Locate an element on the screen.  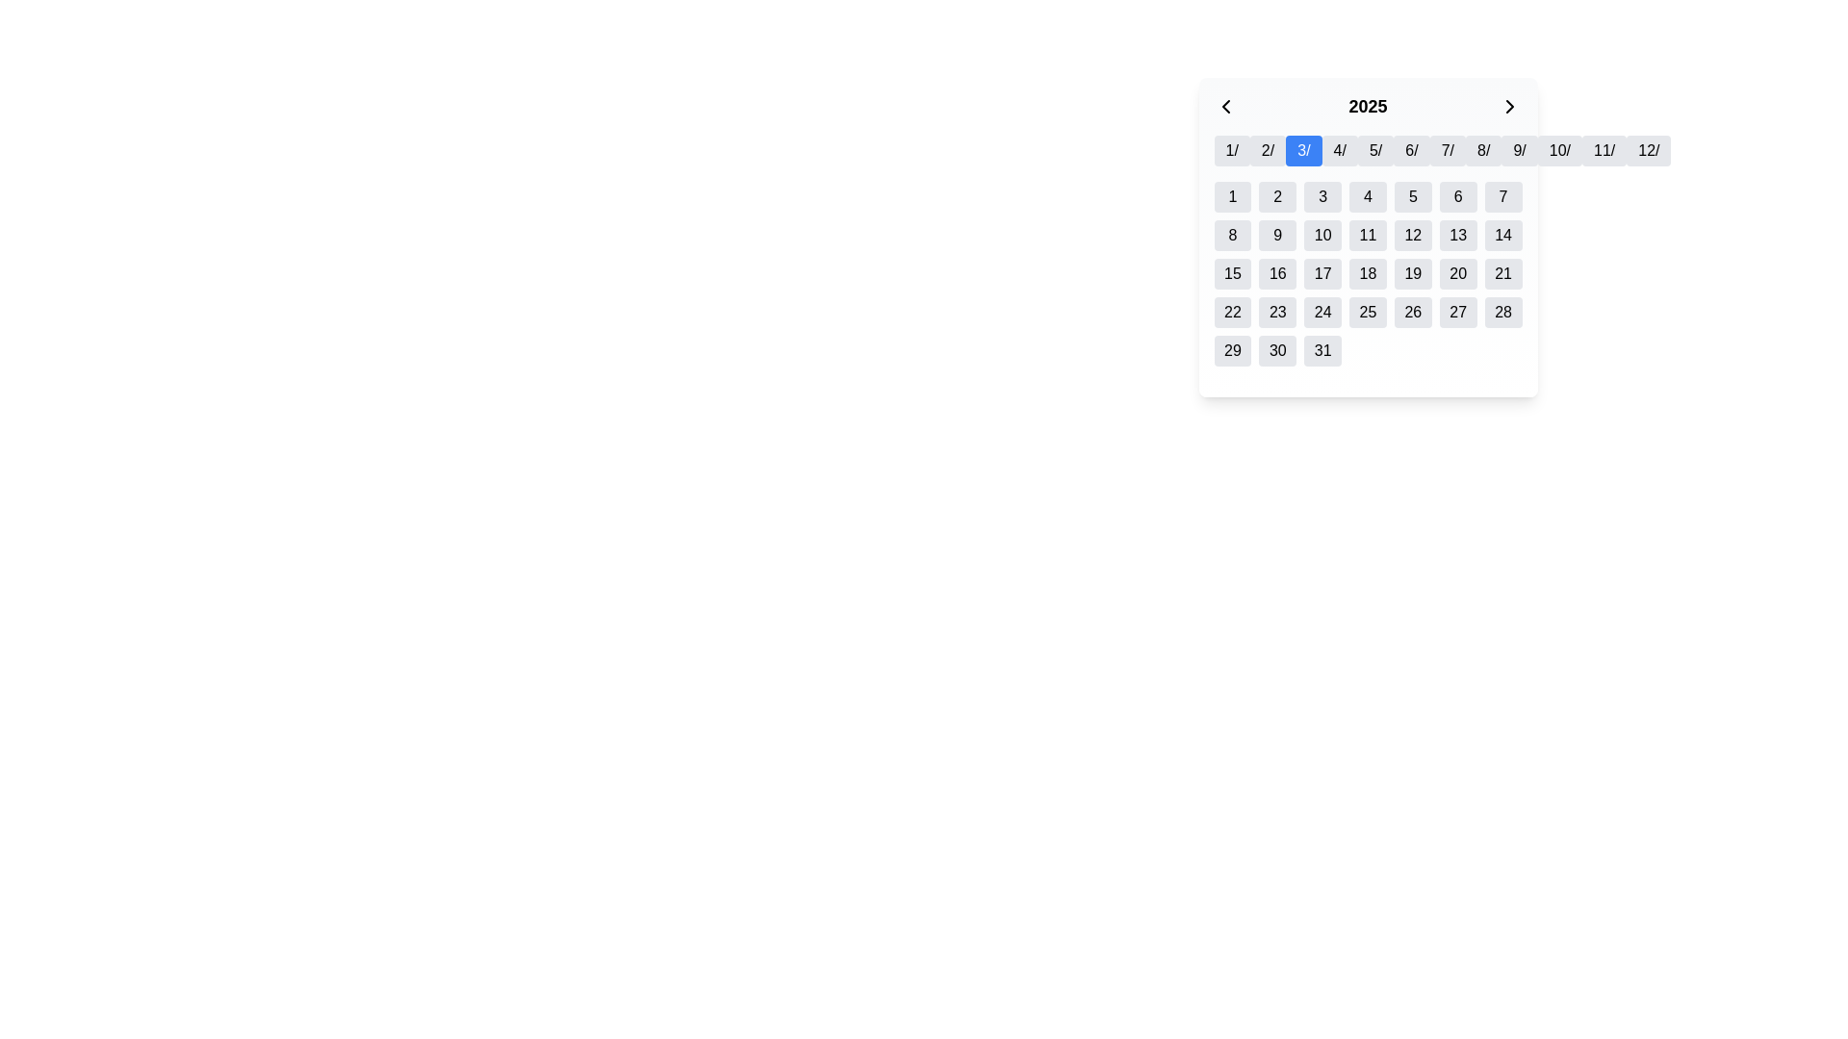
the 23rd day of the currently displayed month in the calendar by pressing it using keyboard navigation is located at coordinates (1277, 311).